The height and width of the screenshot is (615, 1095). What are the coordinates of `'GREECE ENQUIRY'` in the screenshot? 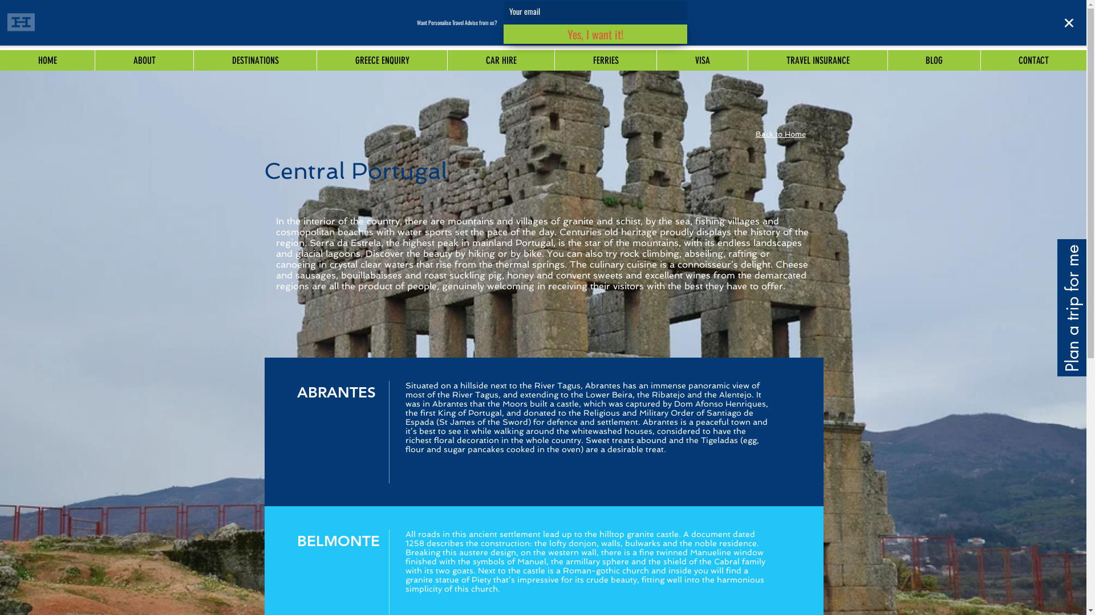 It's located at (382, 60).